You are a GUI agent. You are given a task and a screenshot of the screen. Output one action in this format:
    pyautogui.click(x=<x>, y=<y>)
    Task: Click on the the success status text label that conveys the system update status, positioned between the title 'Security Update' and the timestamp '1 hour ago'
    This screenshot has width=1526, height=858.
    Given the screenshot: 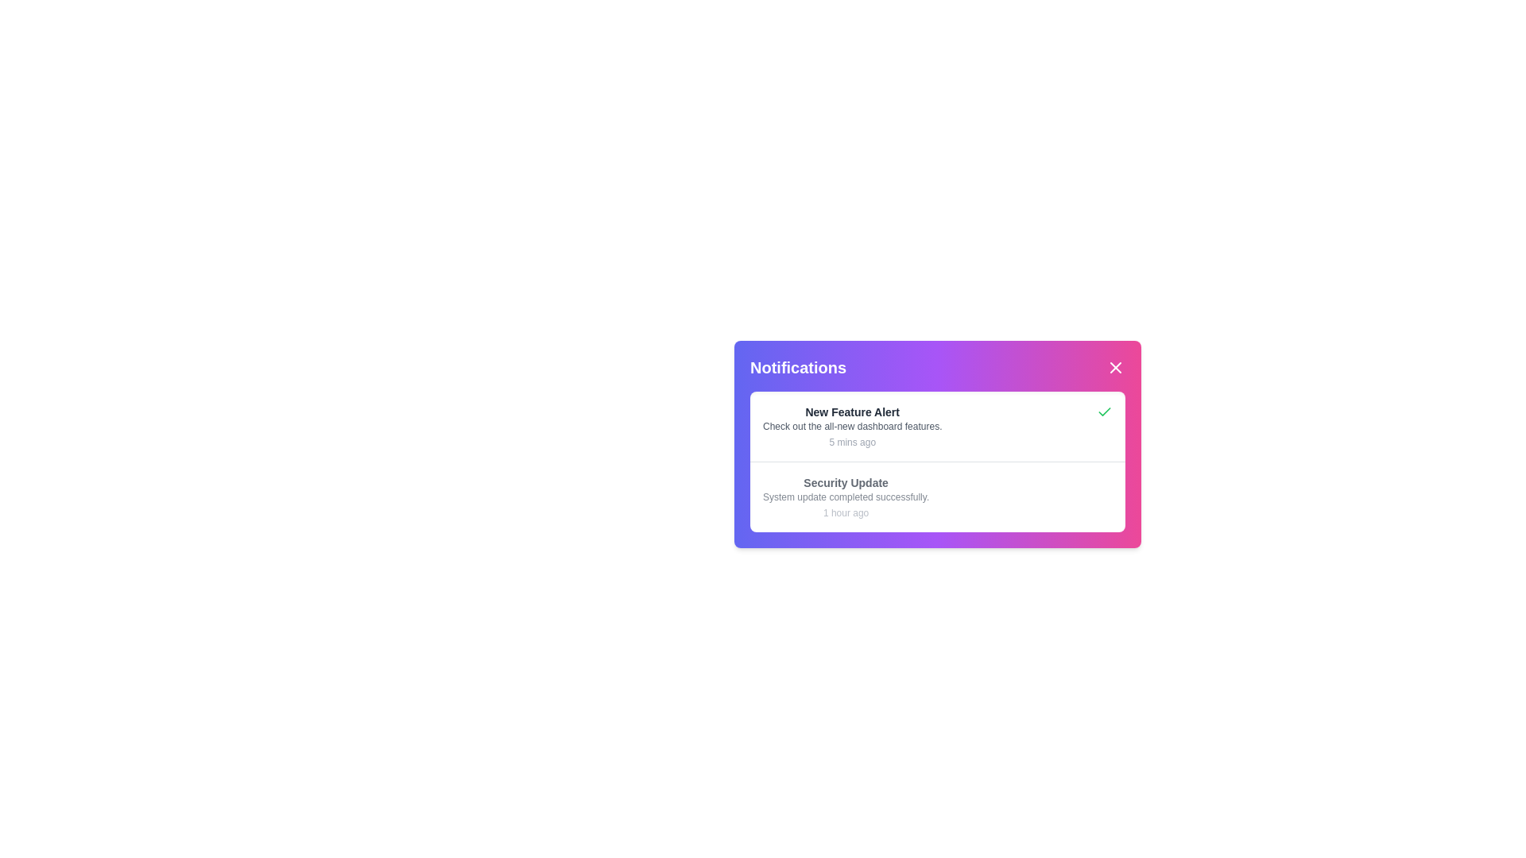 What is the action you would take?
    pyautogui.click(x=845, y=496)
    